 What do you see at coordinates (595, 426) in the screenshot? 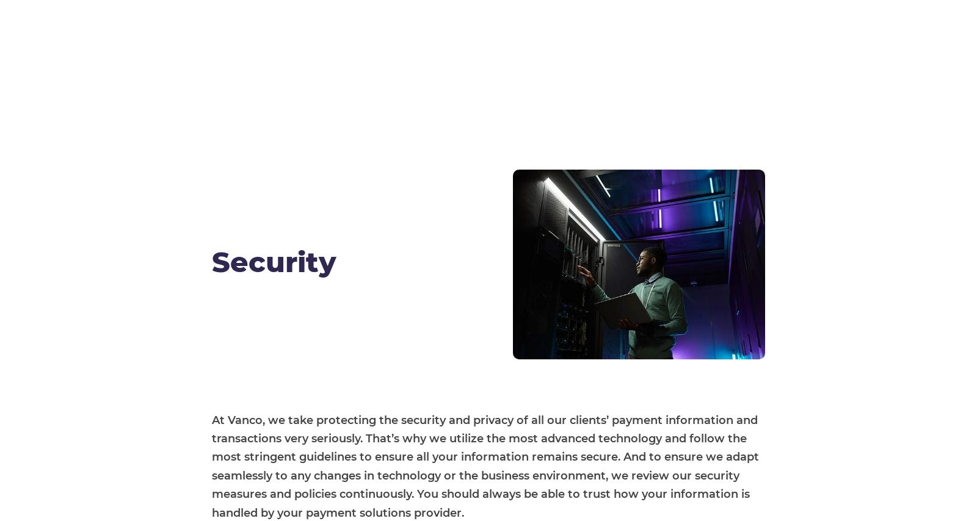
I see `'Operations'` at bounding box center [595, 426].